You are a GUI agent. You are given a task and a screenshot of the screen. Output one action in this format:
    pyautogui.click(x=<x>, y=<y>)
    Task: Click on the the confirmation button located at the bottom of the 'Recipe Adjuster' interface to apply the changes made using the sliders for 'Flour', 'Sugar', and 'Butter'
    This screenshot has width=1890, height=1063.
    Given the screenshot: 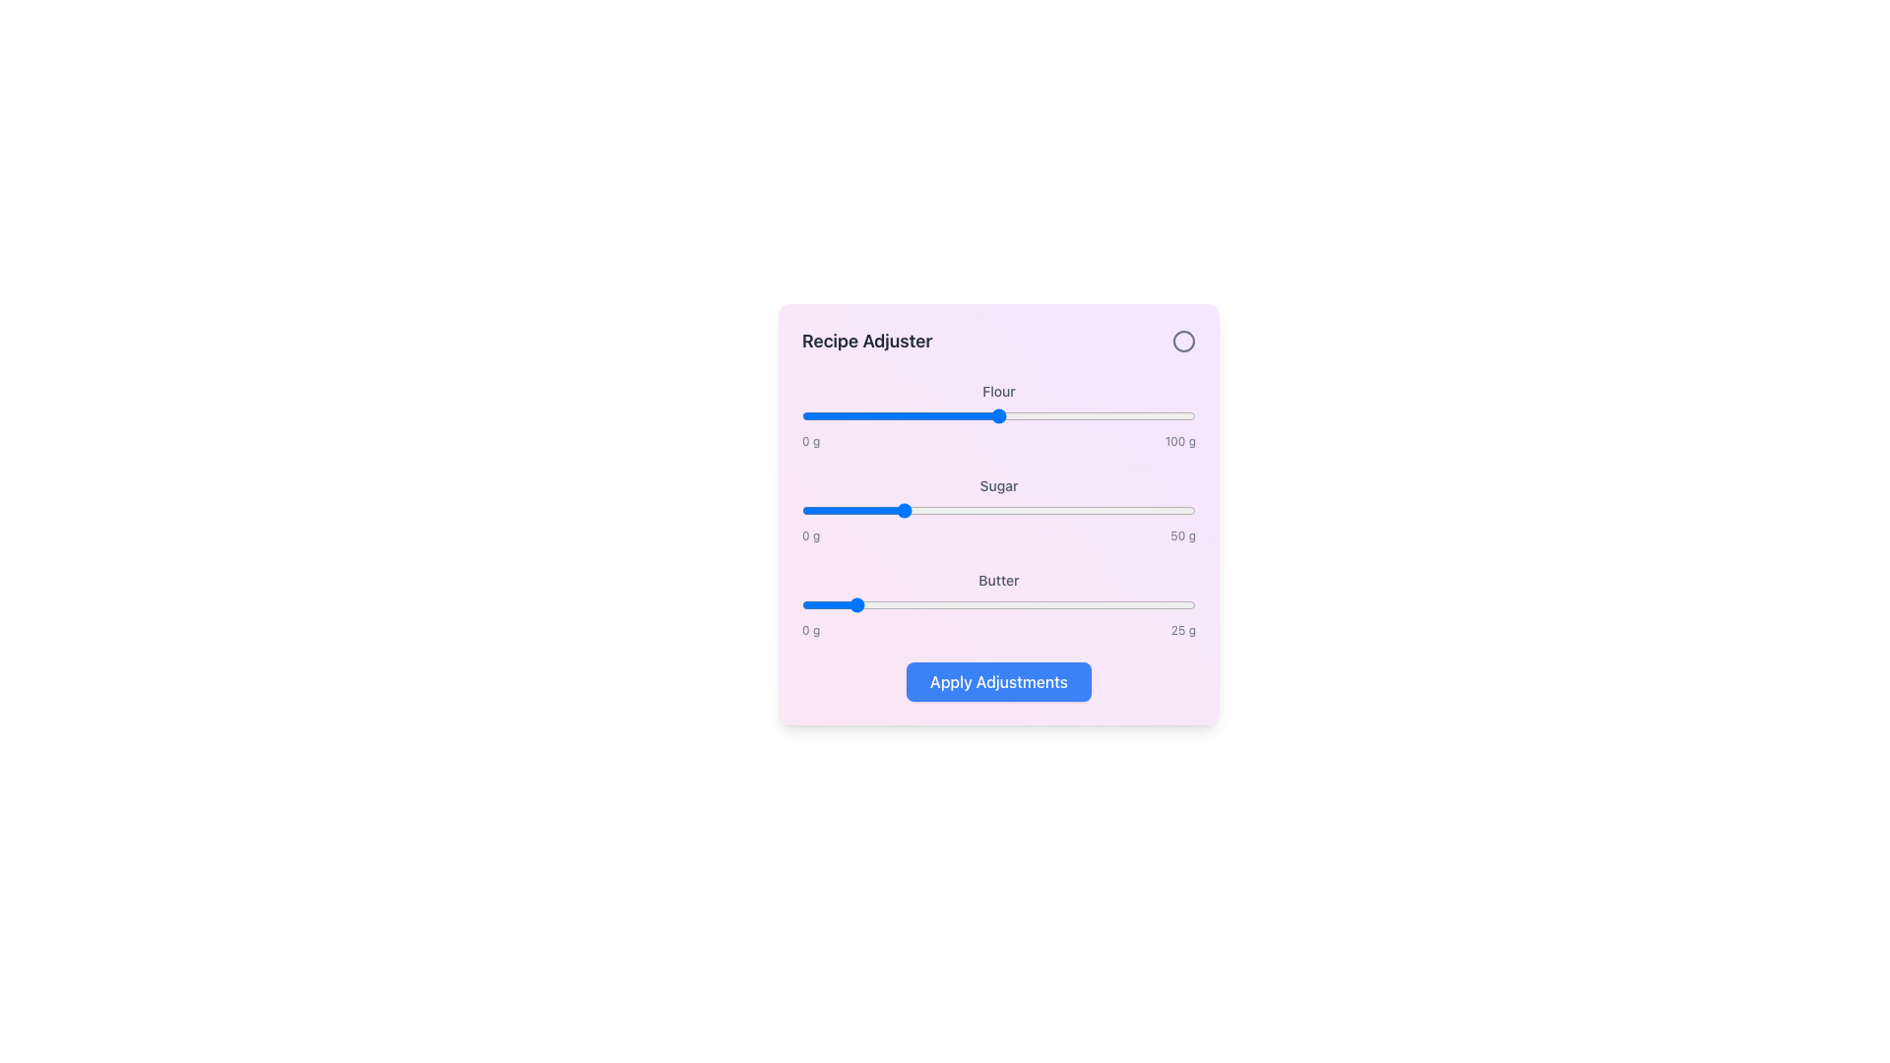 What is the action you would take?
    pyautogui.click(x=998, y=681)
    